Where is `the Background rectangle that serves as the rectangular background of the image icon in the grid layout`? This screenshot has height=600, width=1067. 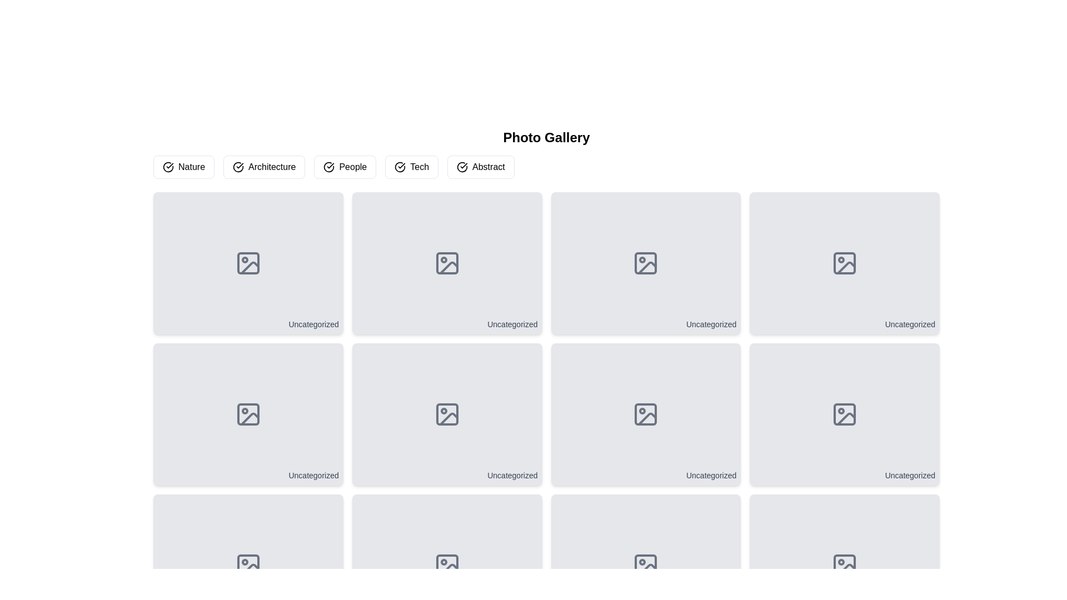 the Background rectangle that serves as the rectangular background of the image icon in the grid layout is located at coordinates (646, 414).